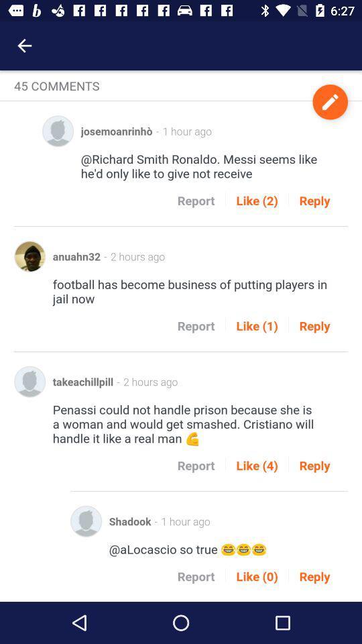 This screenshot has width=362, height=644. I want to click on the icon above 45 comments item, so click(24, 46).